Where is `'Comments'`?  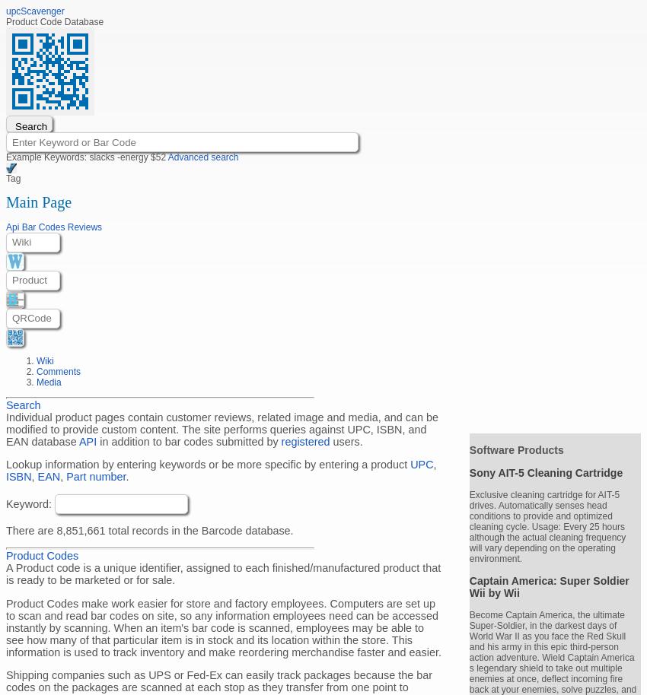
'Comments' is located at coordinates (59, 370).